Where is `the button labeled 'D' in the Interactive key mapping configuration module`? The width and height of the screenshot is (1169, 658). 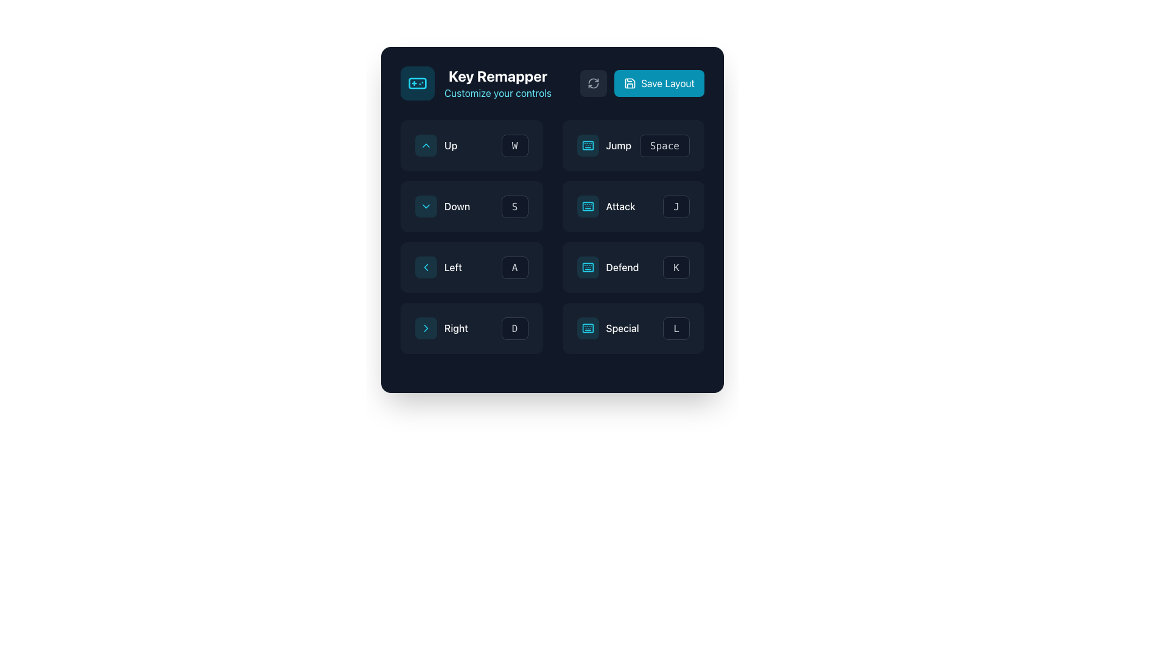 the button labeled 'D' in the Interactive key mapping configuration module is located at coordinates (471, 328).